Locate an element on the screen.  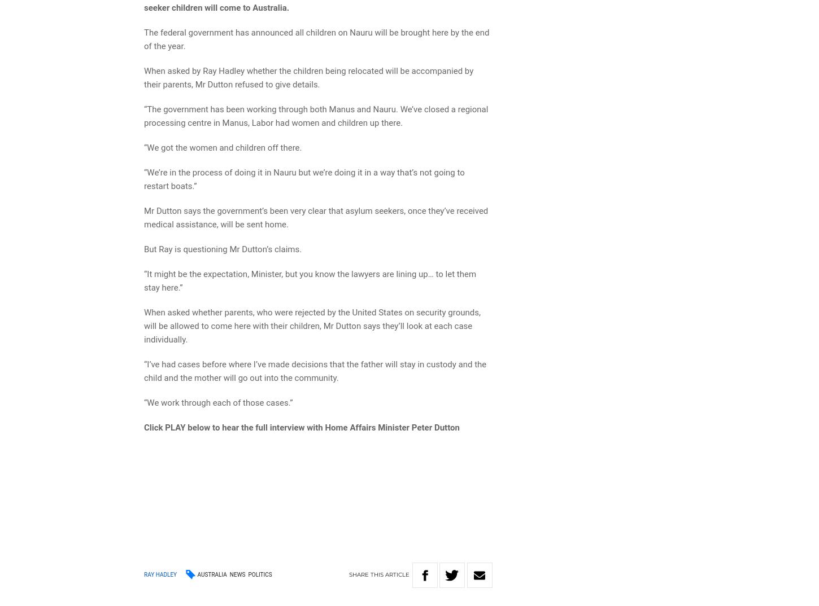
'“We’re in the process of doing it in Nauru but we’re doing it in a way that’s not going to restart boats.”' is located at coordinates (304, 179).